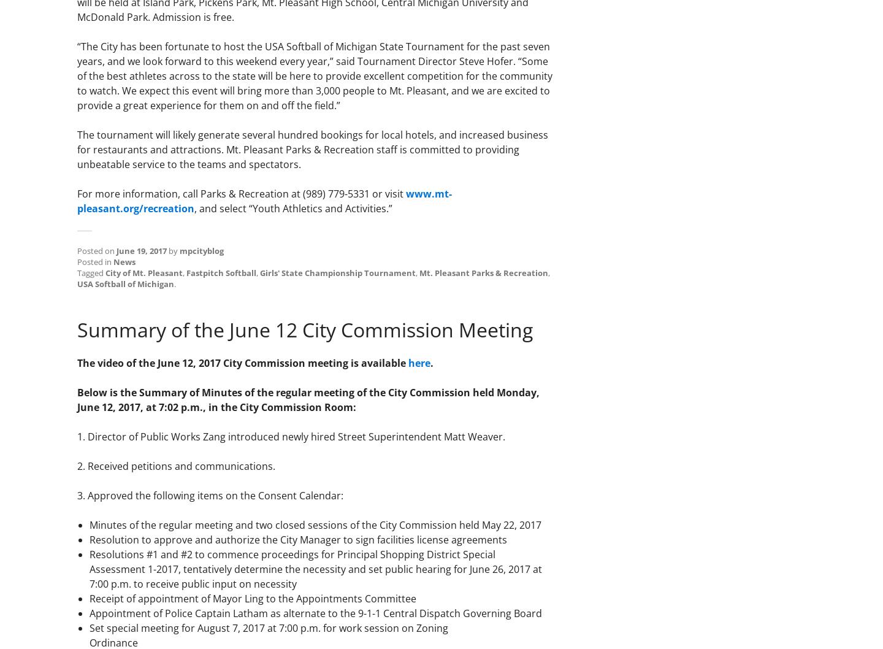 This screenshot has width=883, height=649. Describe the element at coordinates (419, 362) in the screenshot. I see `'here'` at that location.